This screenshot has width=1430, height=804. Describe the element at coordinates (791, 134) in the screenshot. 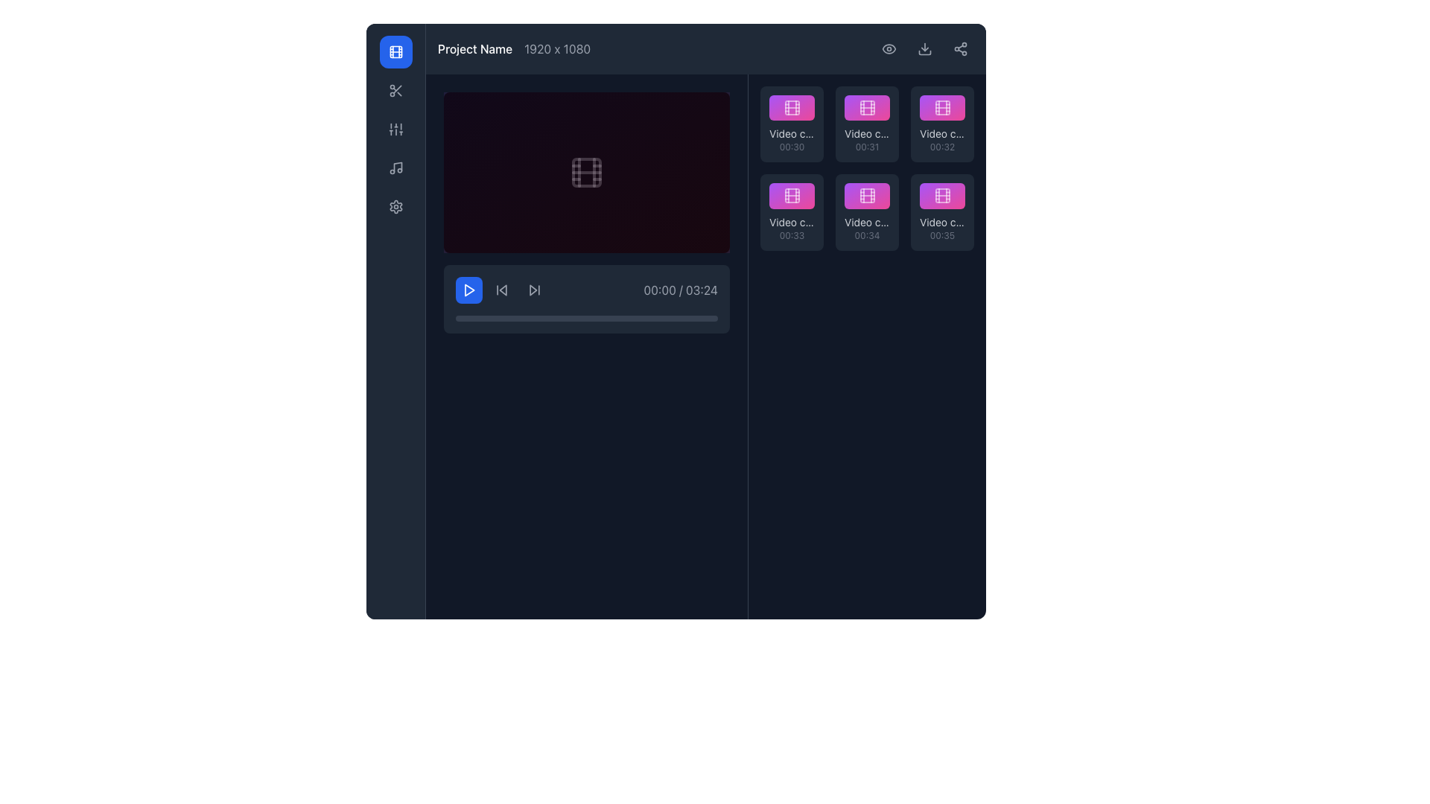

I see `the static text label that denotes the name or title of the corresponding video clip, located in the bottom-middle part of the first card in the vertical list on the right-hand panel` at that location.